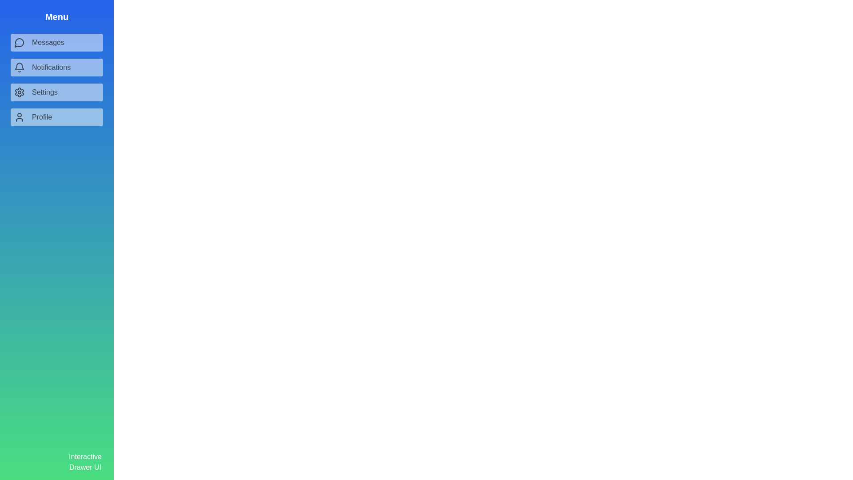  I want to click on the 'Interactive Drawer UI' label at the bottom of the drawer, so click(85, 462).